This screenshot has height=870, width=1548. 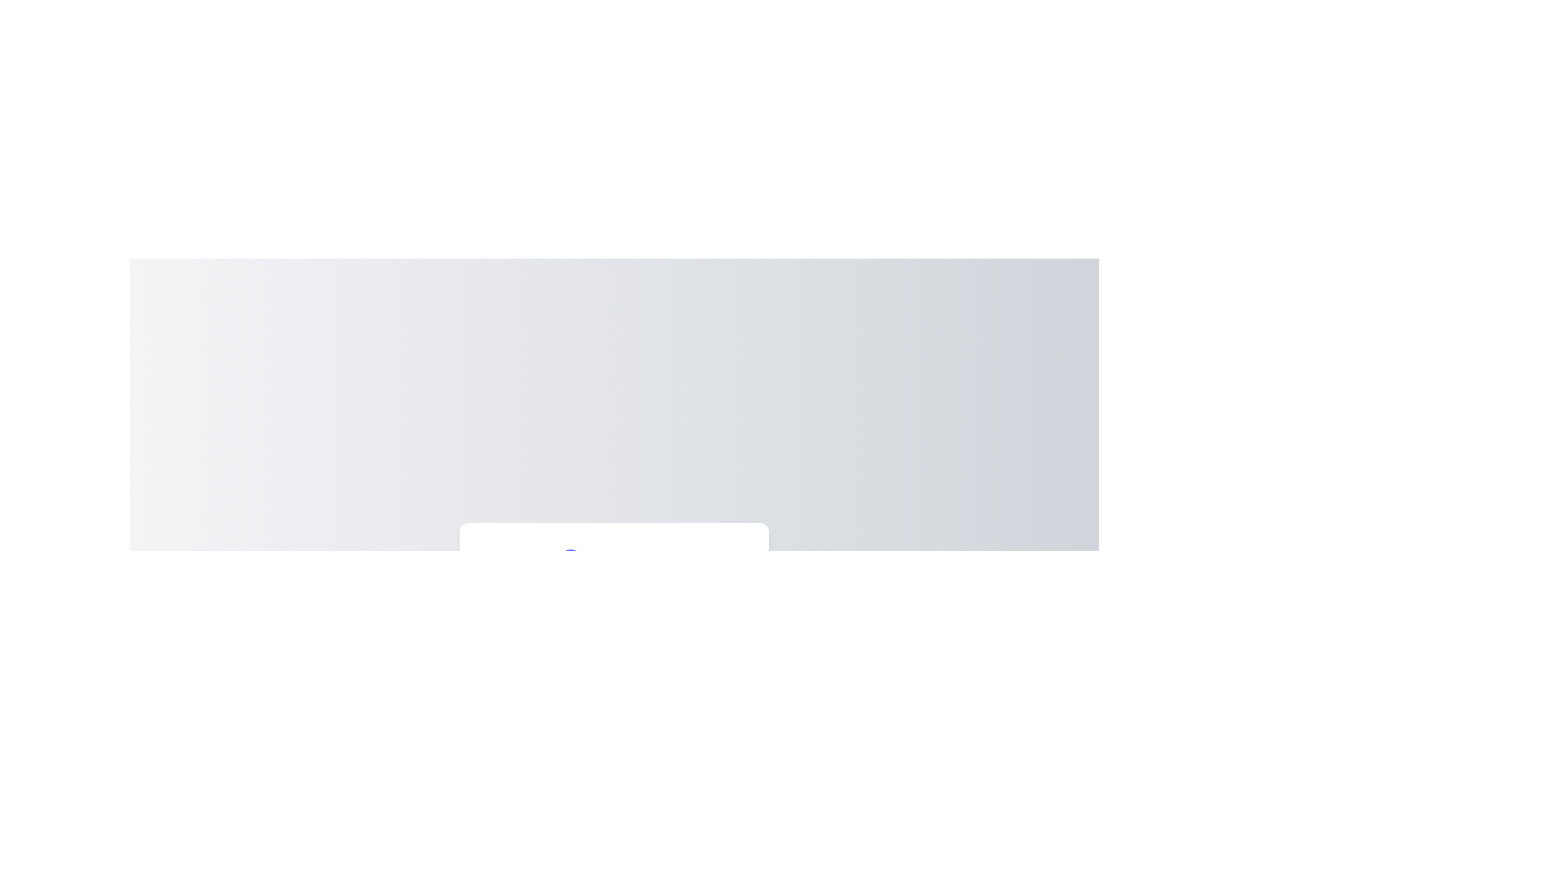 What do you see at coordinates (555, 655) in the screenshot?
I see `the slider to set the color intensity to 47` at bounding box center [555, 655].